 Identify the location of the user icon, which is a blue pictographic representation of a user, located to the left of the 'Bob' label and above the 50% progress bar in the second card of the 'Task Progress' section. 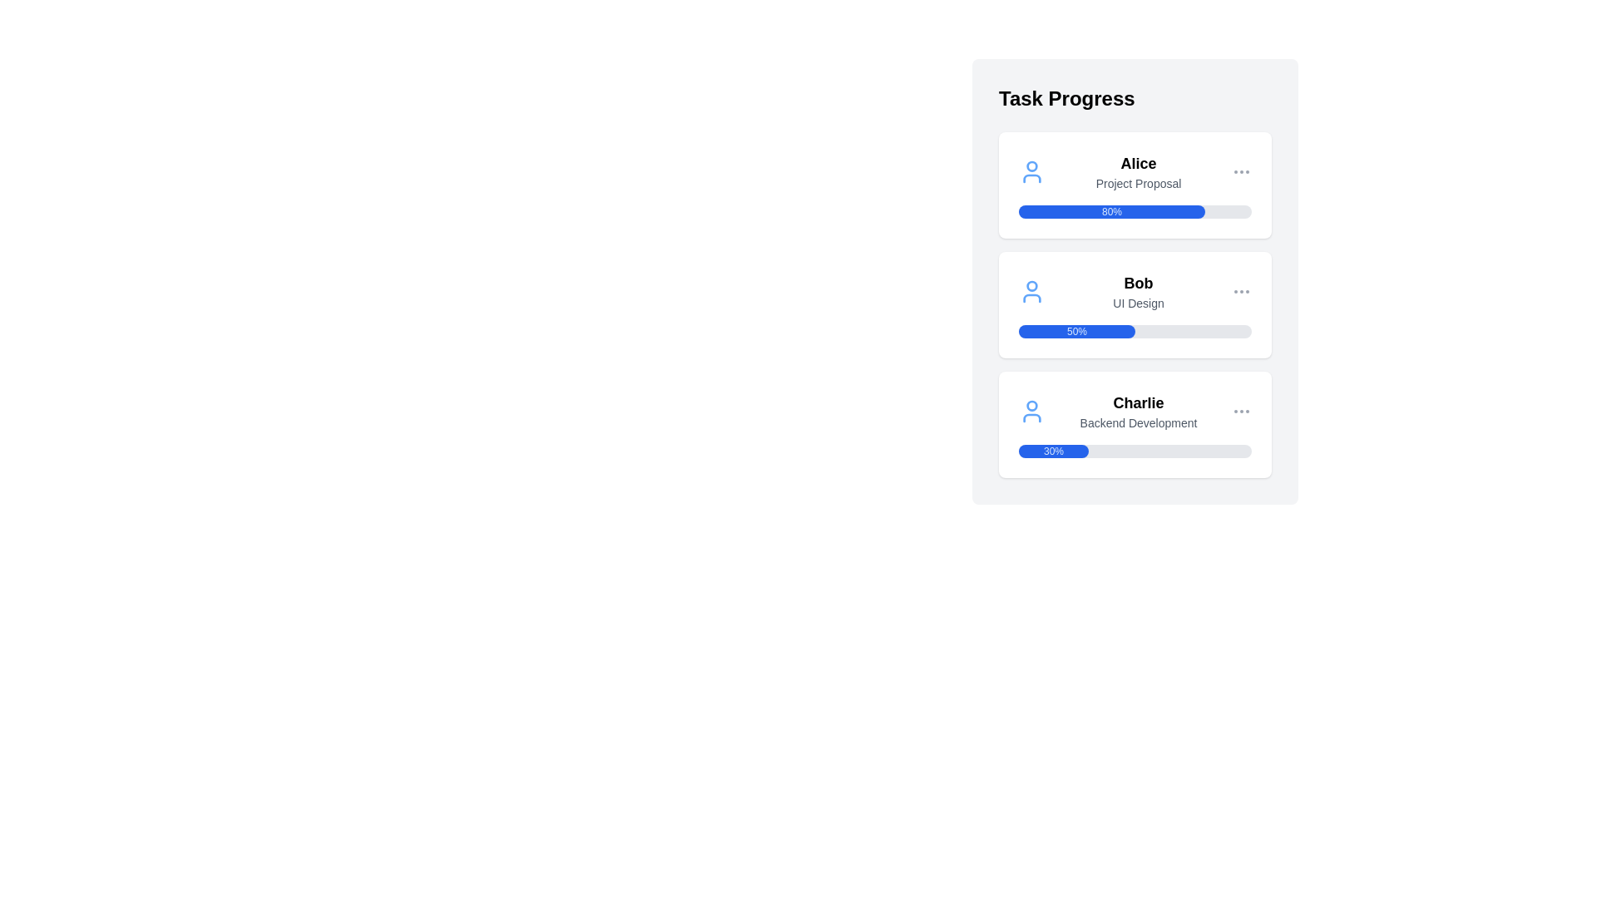
(1031, 291).